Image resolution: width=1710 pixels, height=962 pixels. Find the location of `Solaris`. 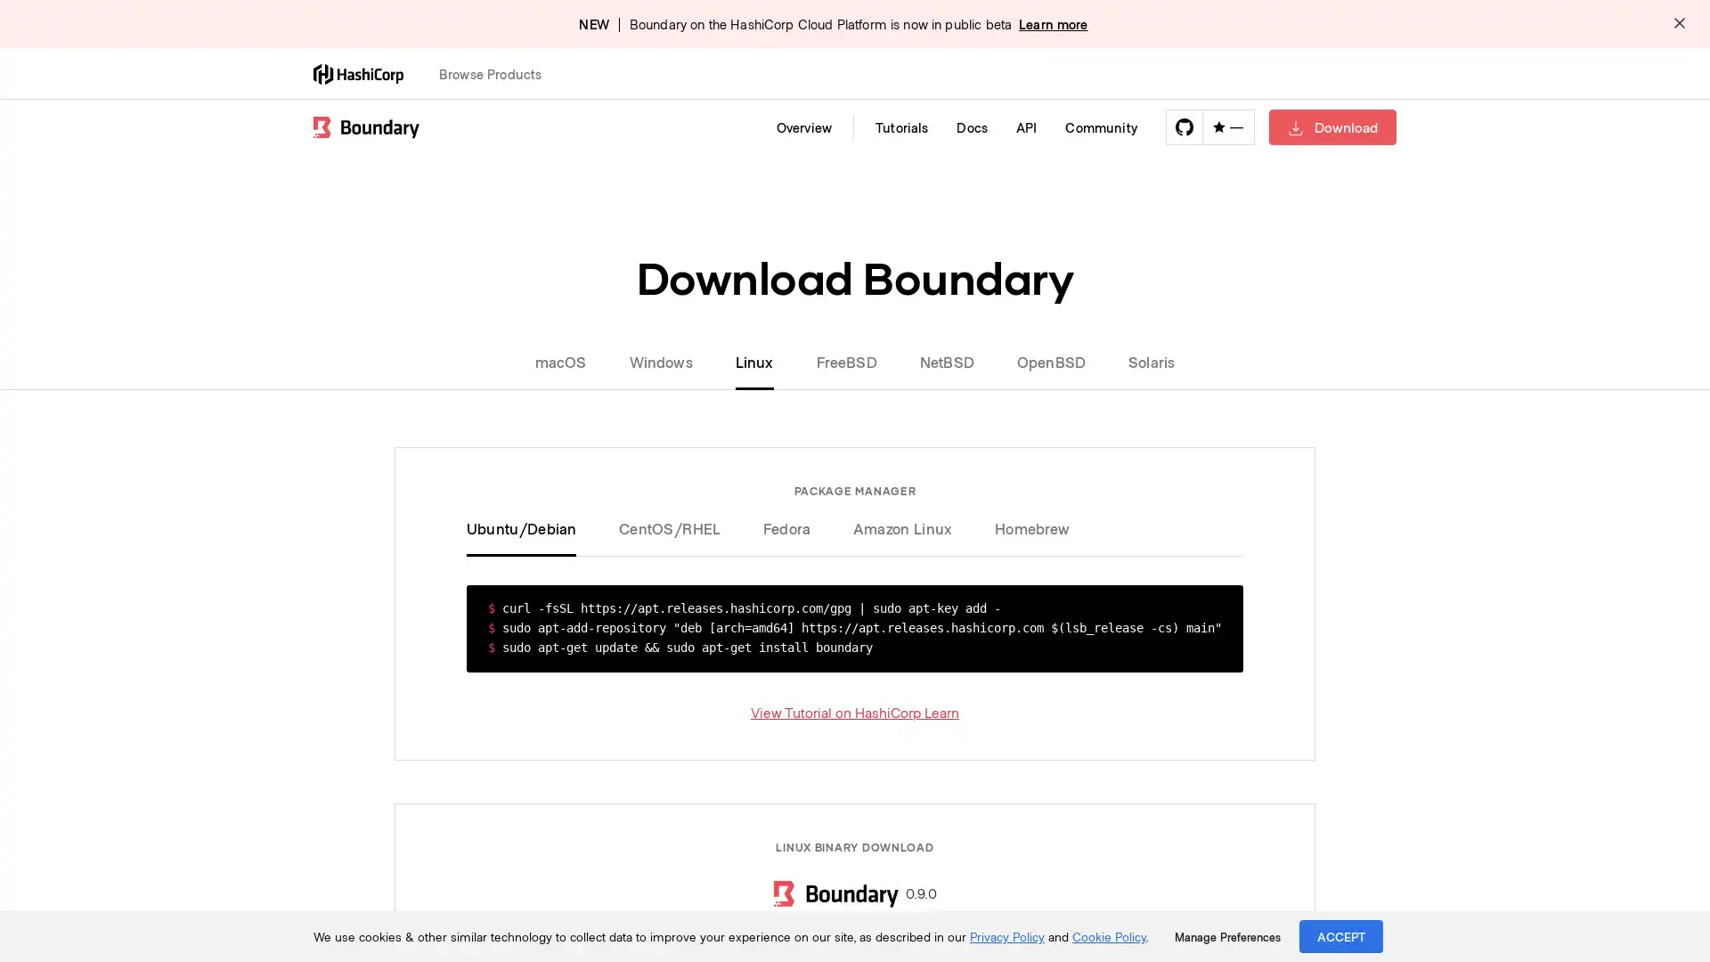

Solaris is located at coordinates (1141, 361).